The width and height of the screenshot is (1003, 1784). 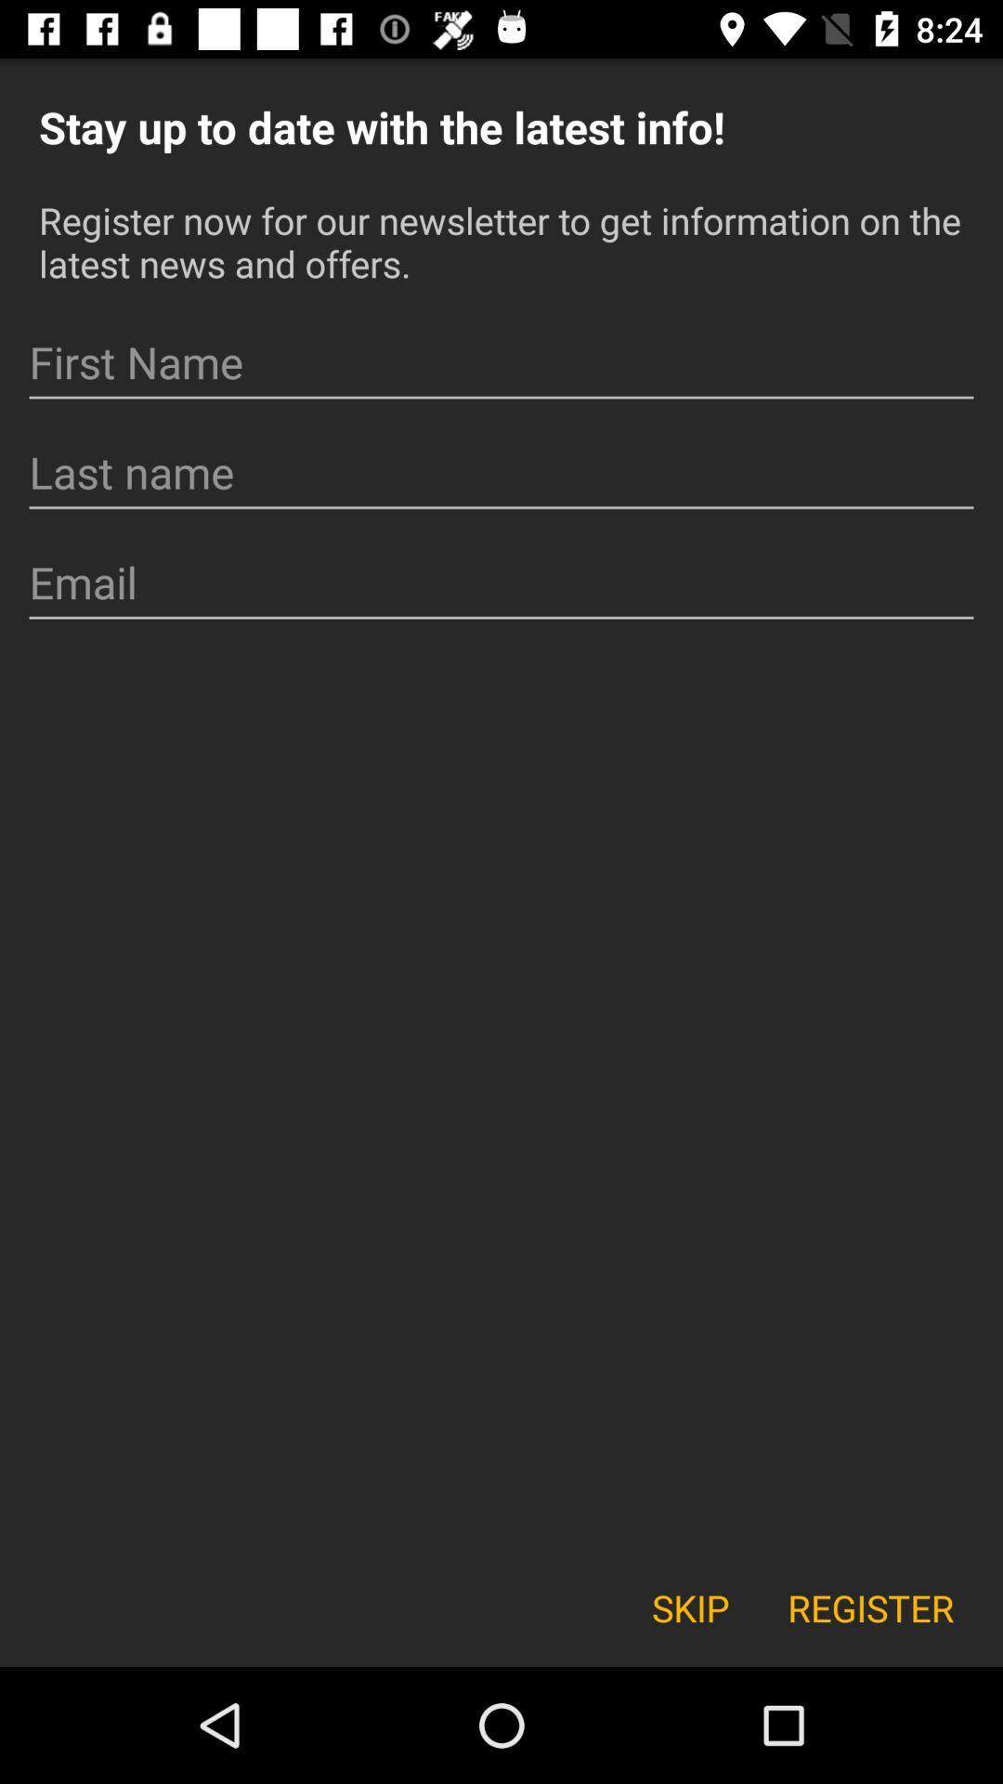 What do you see at coordinates (501, 582) in the screenshot?
I see `icon above skip icon` at bounding box center [501, 582].